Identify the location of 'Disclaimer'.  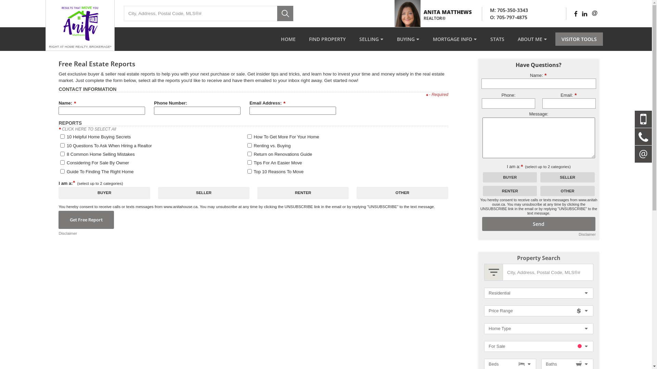
(67, 233).